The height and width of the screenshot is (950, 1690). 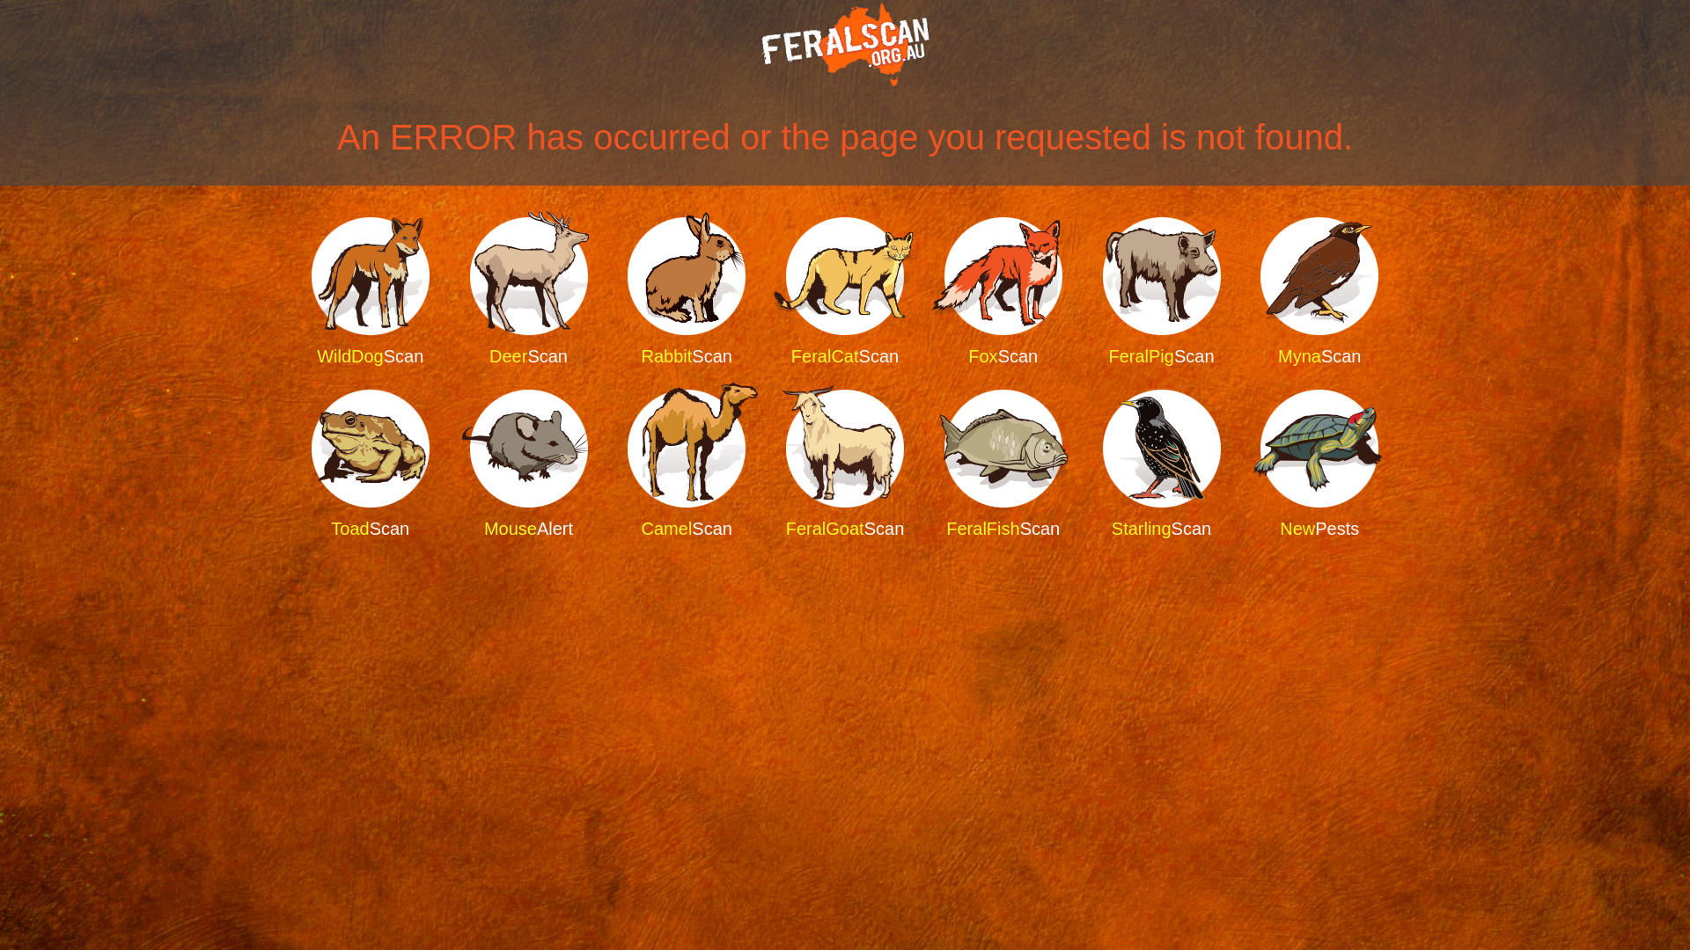 I want to click on 'FeralPigScan', so click(x=1161, y=291).